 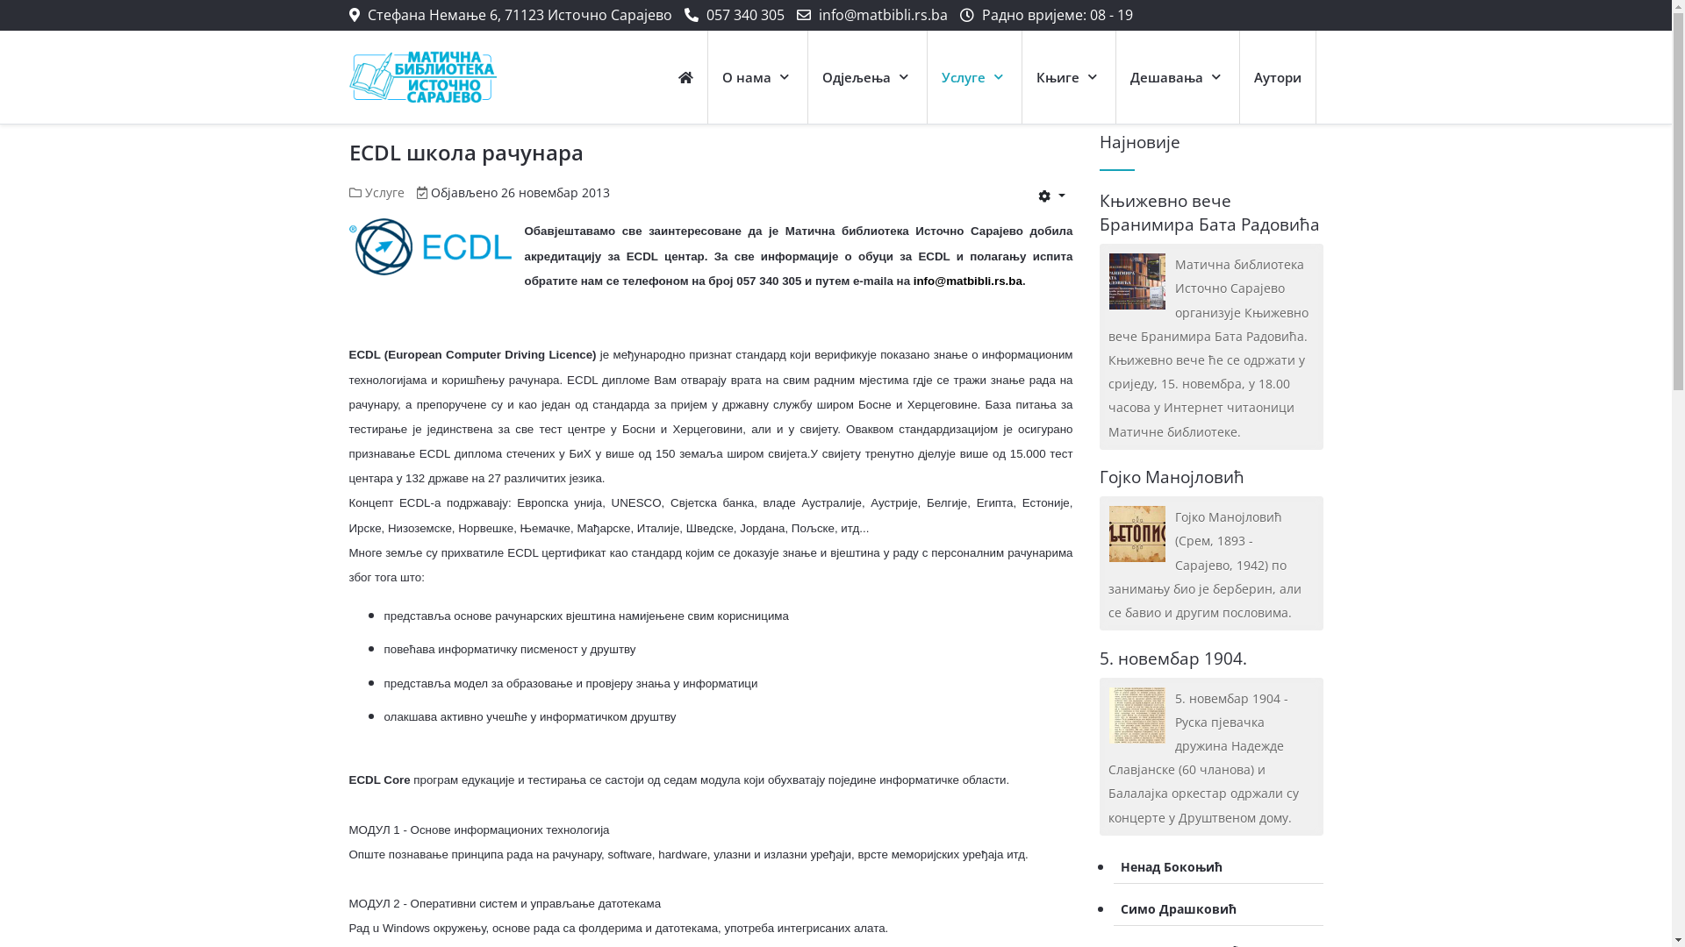 I want to click on 'info@matbibli.rs.ba', so click(x=967, y=280).